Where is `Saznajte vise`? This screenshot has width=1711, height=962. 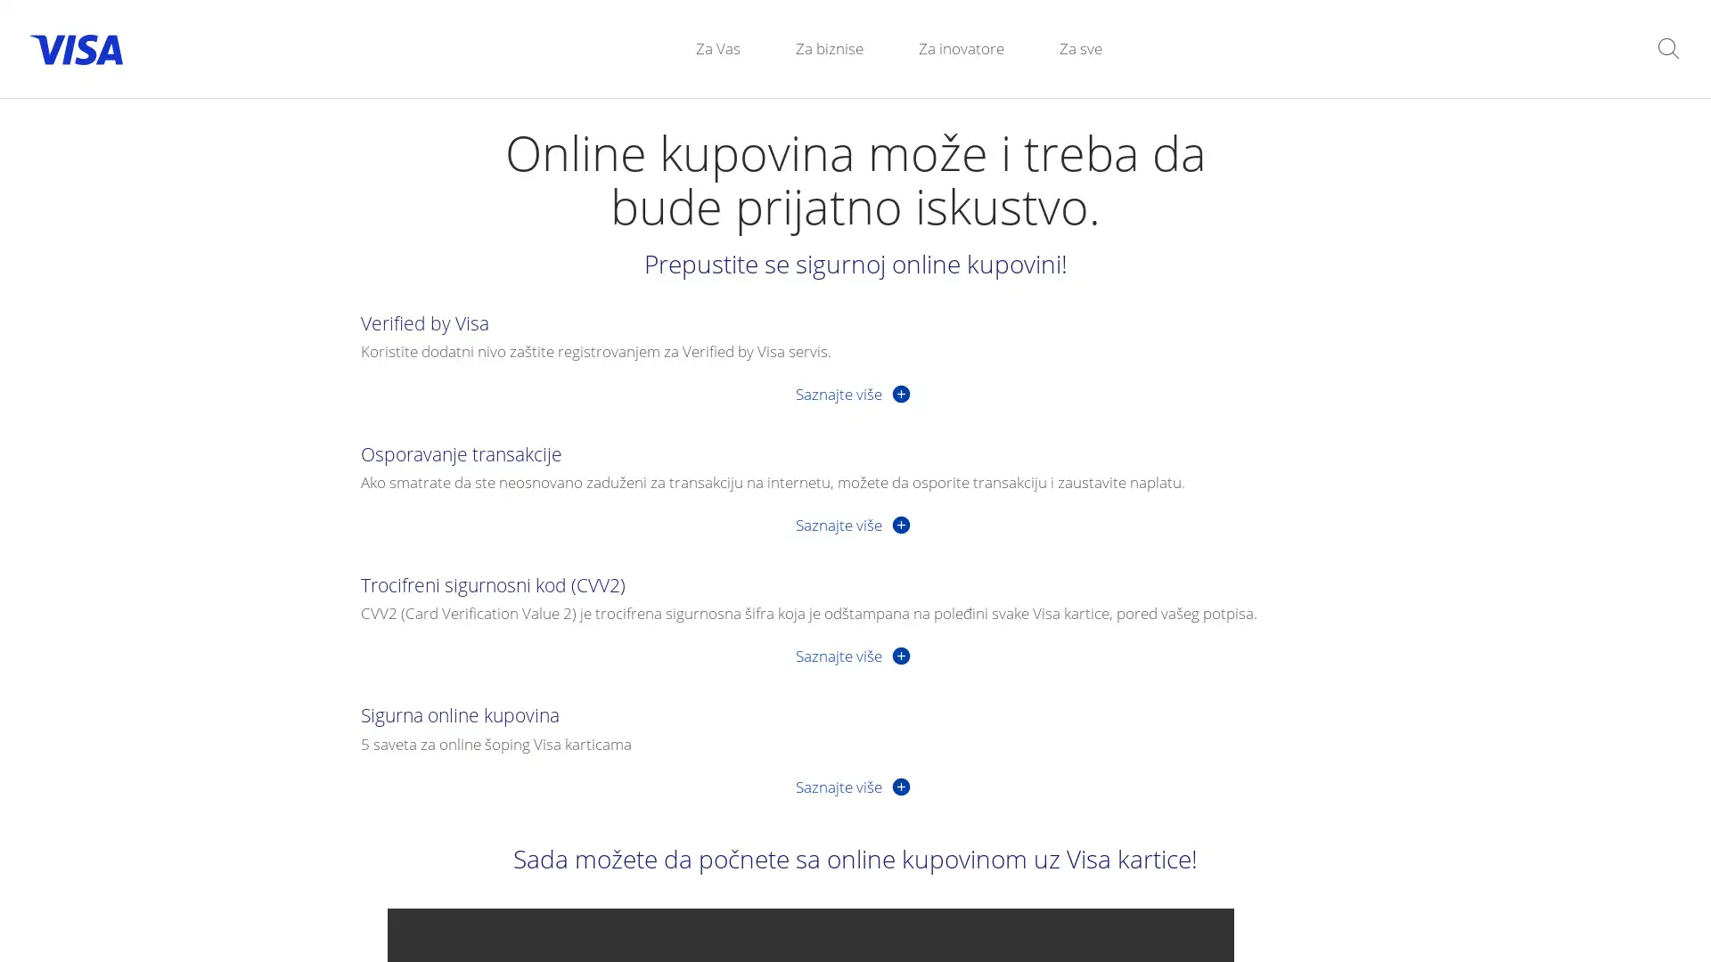
Saznajte vise is located at coordinates (854, 523).